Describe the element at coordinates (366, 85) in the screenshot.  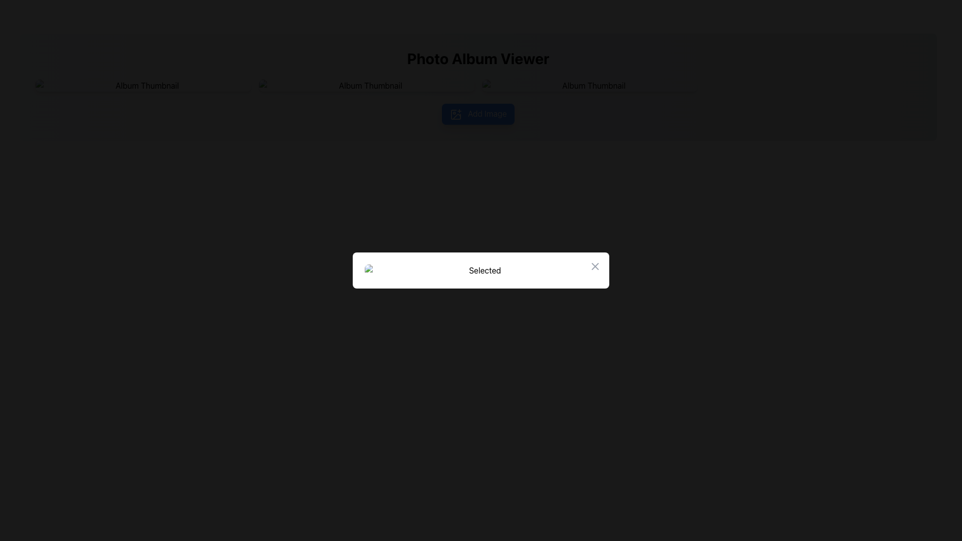
I see `the second interactive thumbnail in the grid layout` at that location.